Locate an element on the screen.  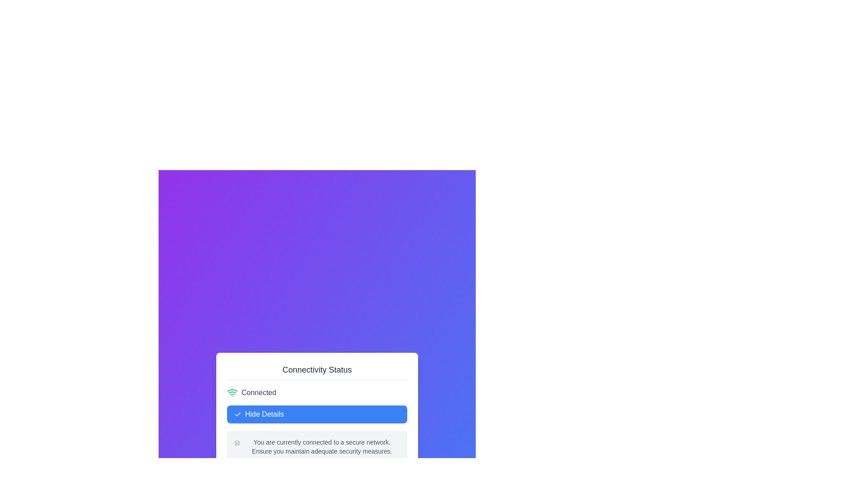
static text element indicating the current connectivity status, which displays 'Connected' next to the Wi-Fi icon is located at coordinates (258, 392).